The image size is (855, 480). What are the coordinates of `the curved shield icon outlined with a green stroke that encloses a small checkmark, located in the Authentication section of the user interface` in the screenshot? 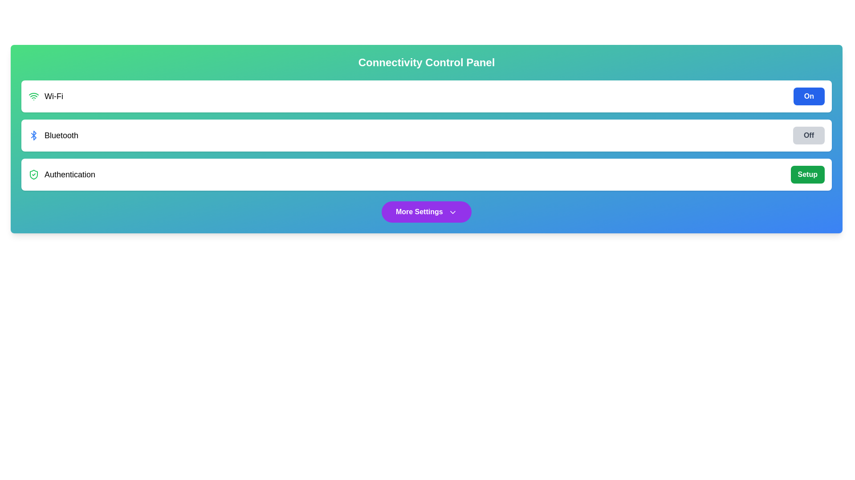 It's located at (34, 175).